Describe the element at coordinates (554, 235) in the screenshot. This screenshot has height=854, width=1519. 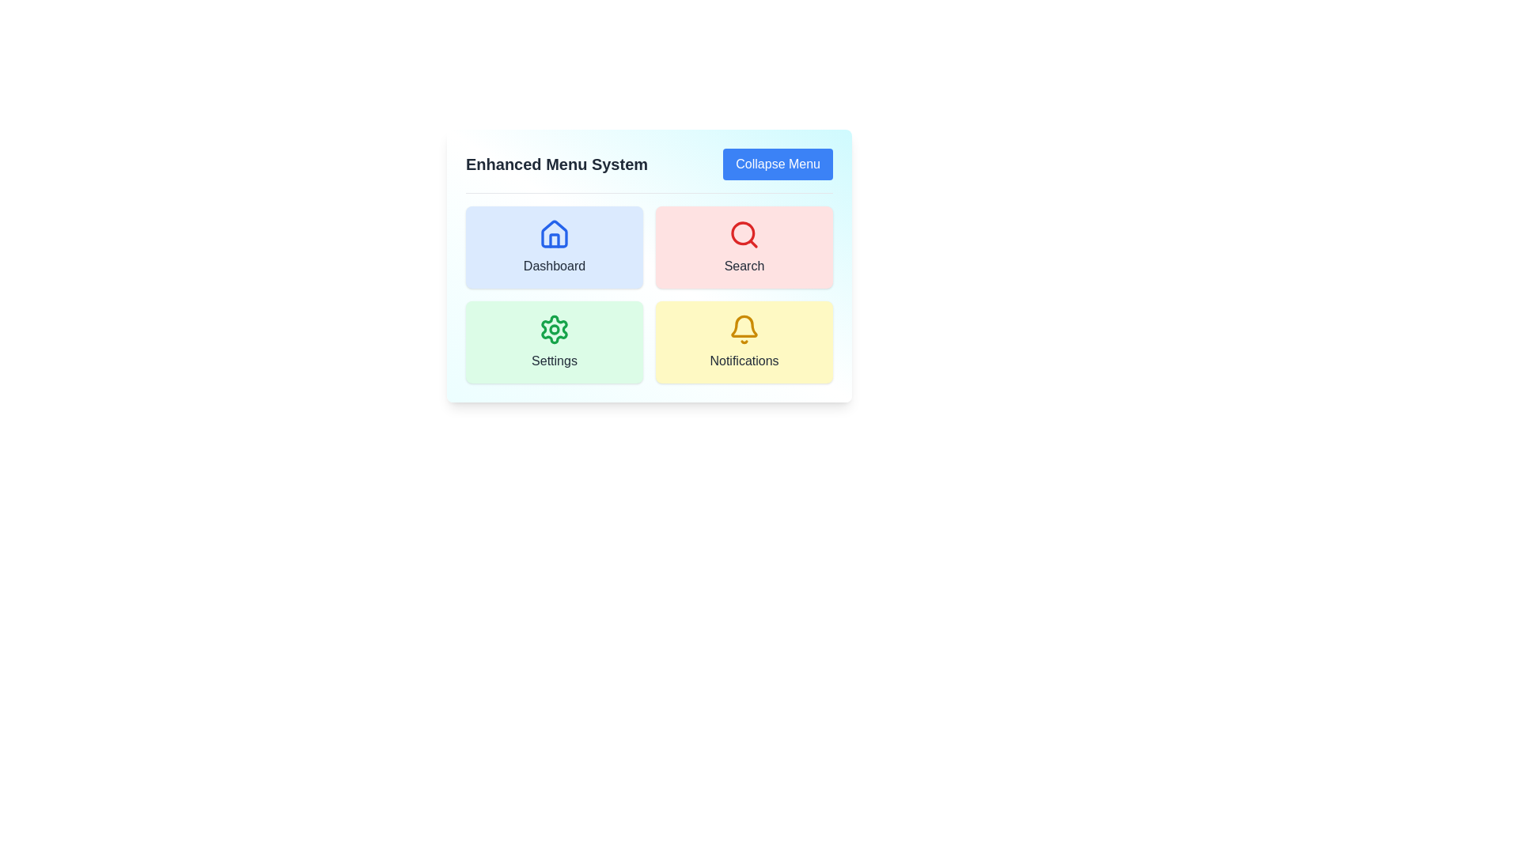
I see `the 'Dashboard' icon located in the top-left quadrant of the grid layout` at that location.